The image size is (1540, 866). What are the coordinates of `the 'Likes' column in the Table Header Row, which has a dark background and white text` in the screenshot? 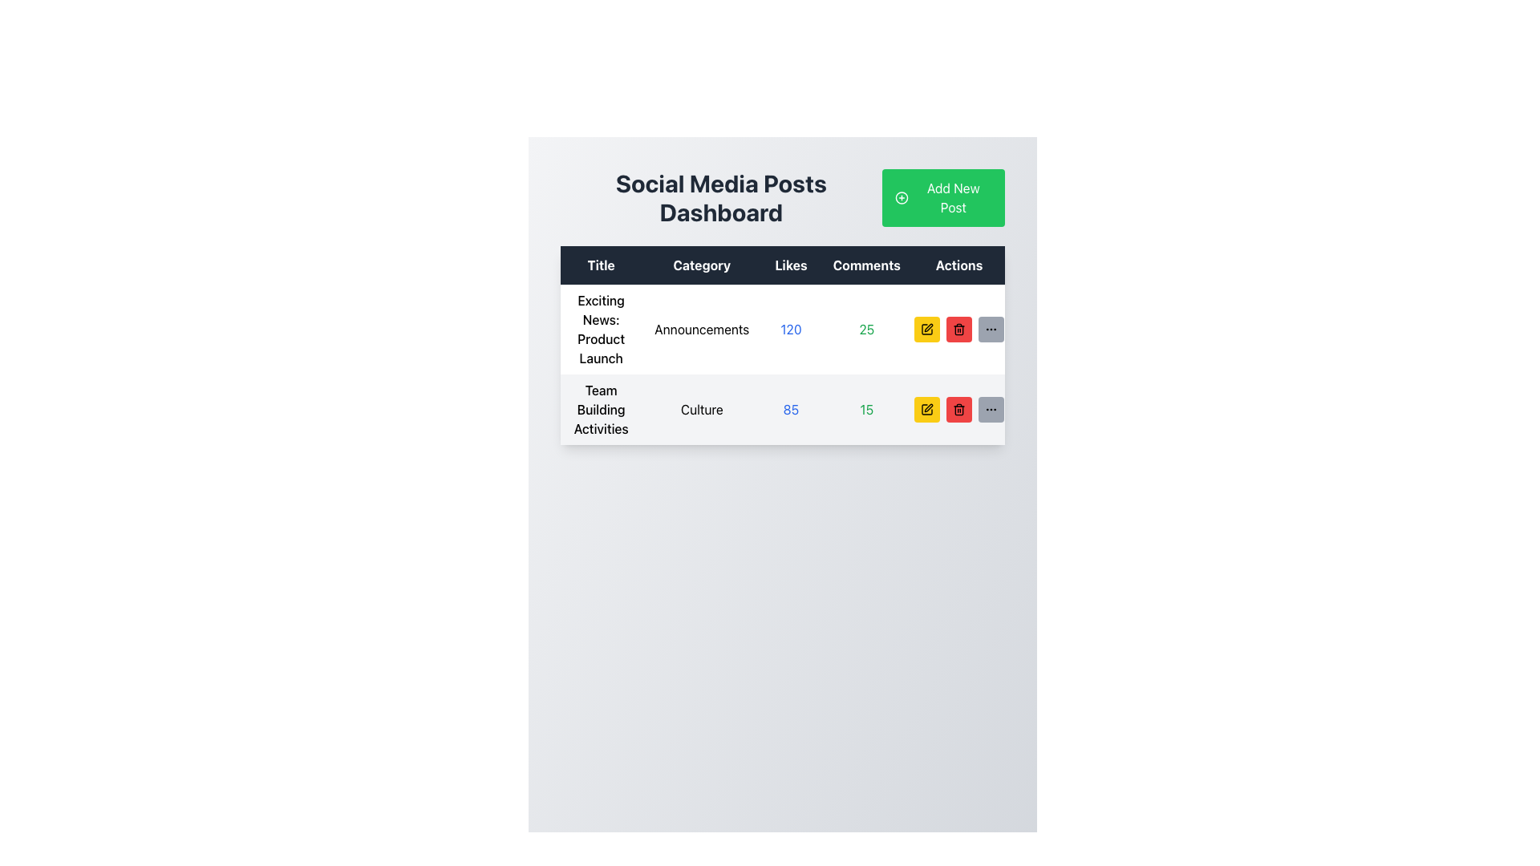 It's located at (782, 265).